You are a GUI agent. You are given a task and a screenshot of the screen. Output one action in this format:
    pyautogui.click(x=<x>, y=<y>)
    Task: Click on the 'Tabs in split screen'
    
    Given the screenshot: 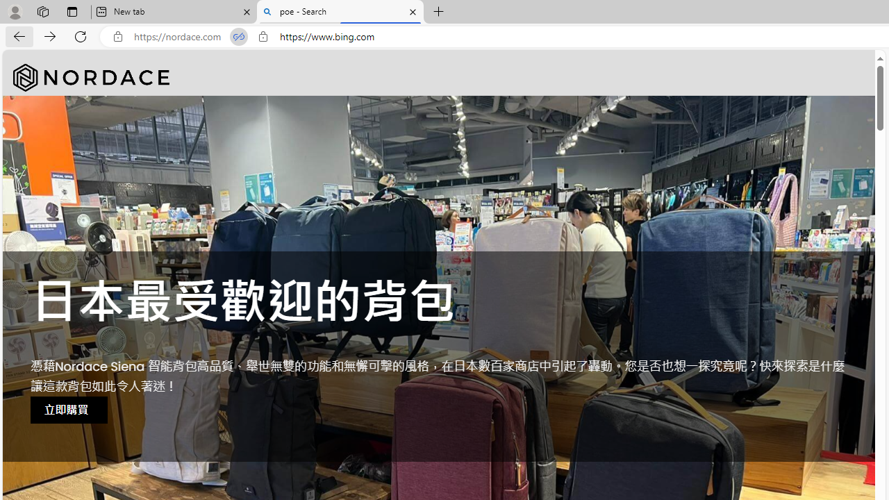 What is the action you would take?
    pyautogui.click(x=239, y=36)
    